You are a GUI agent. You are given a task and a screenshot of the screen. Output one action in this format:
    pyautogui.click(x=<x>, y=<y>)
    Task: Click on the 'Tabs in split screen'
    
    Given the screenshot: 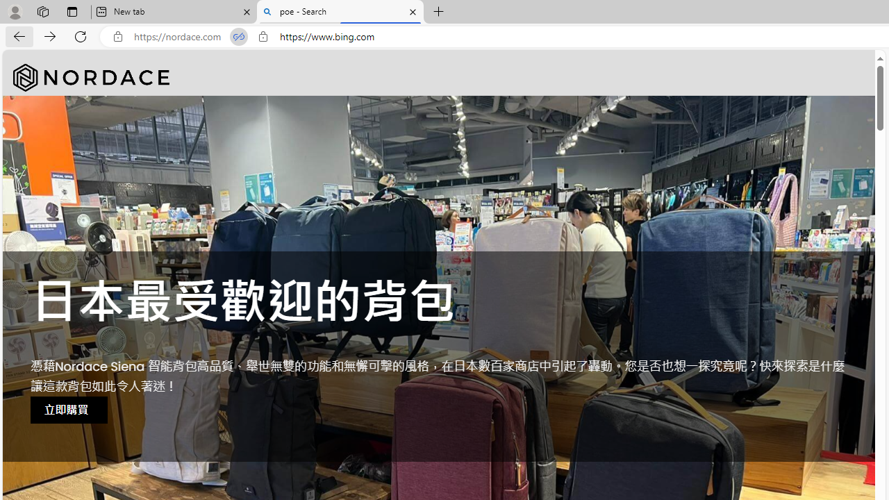 What is the action you would take?
    pyautogui.click(x=239, y=36)
    